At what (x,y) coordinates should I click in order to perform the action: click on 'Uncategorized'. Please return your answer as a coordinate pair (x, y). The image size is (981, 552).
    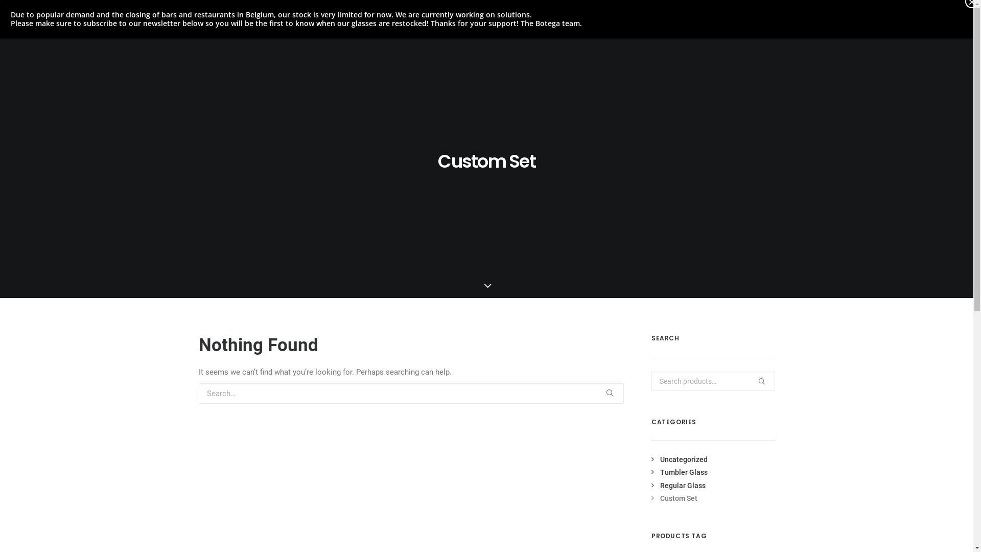
    Looking at the image, I should click on (679, 458).